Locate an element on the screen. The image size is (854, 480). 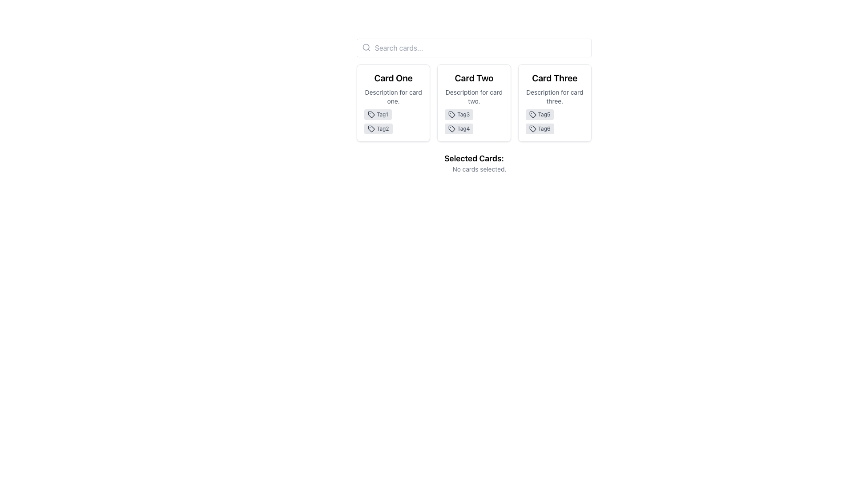
the second tag under 'Card Three', which is located below 'Tag5' in the bottom area of the card is located at coordinates (539, 128).